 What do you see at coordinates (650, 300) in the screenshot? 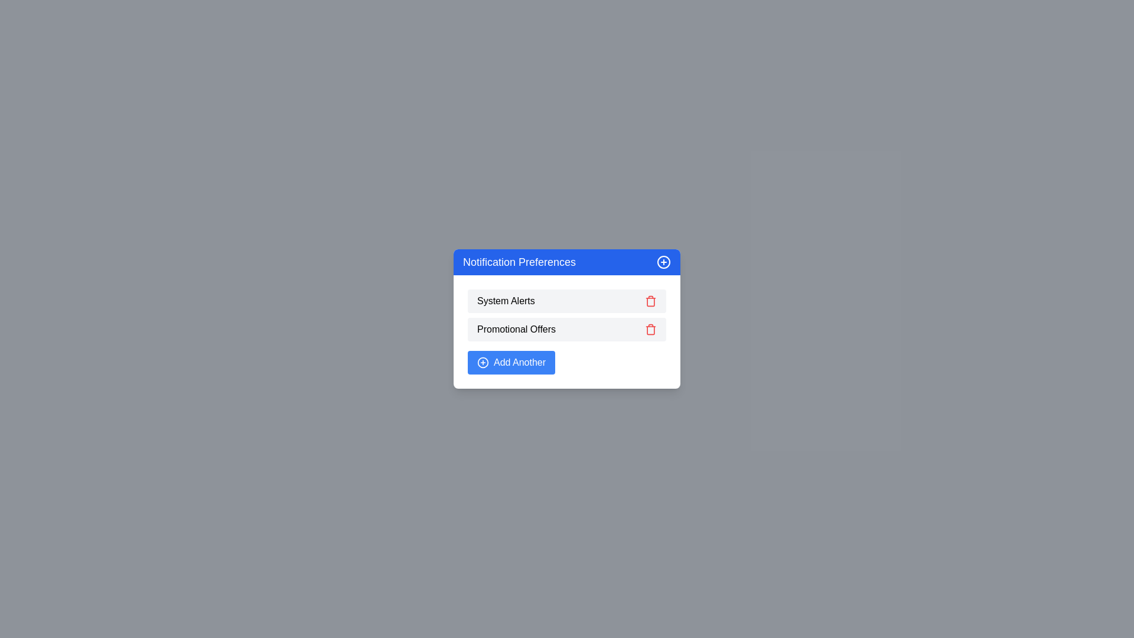
I see `the delete button located to the right of the 'System Alerts' text` at bounding box center [650, 300].